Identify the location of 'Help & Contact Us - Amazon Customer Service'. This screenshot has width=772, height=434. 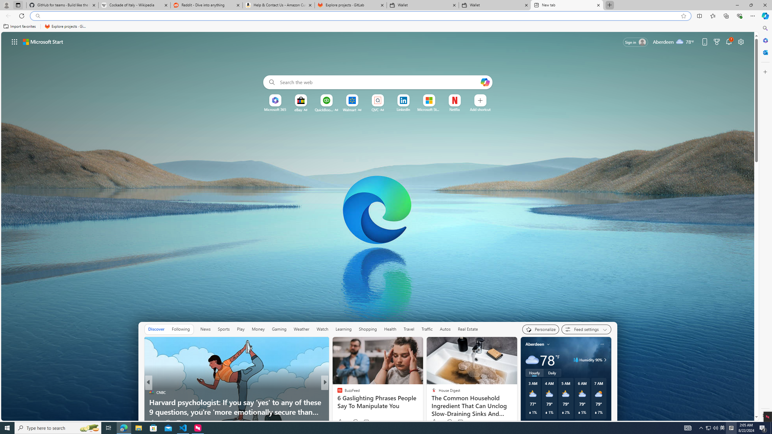
(279, 5).